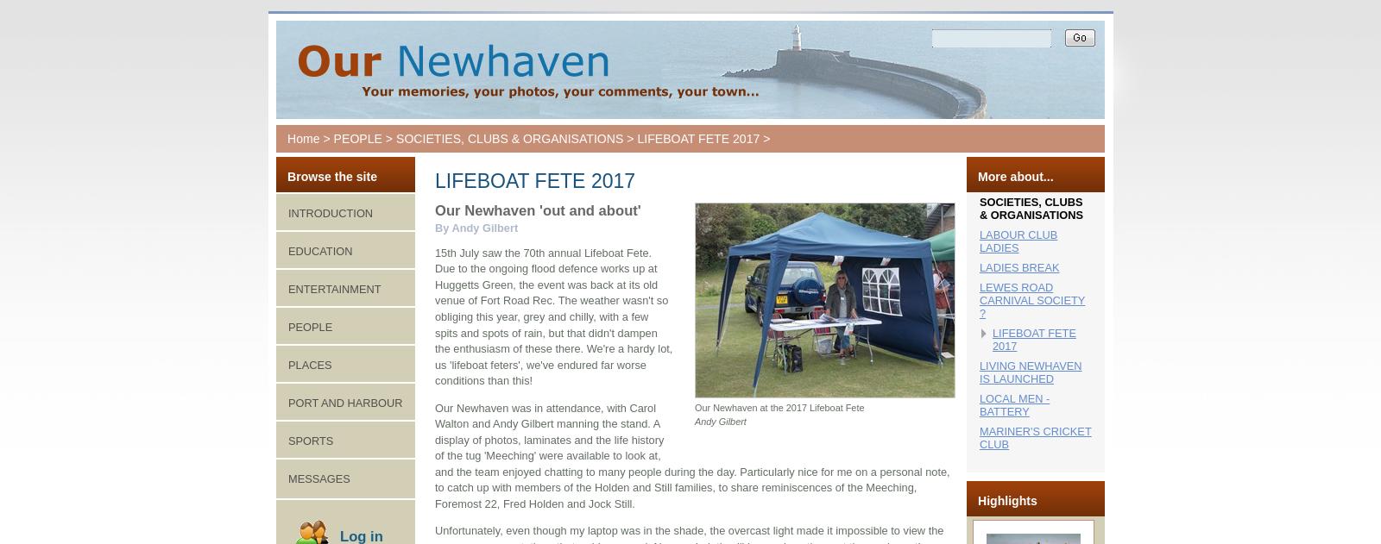  Describe the element at coordinates (1015, 177) in the screenshot. I see `'More about...'` at that location.